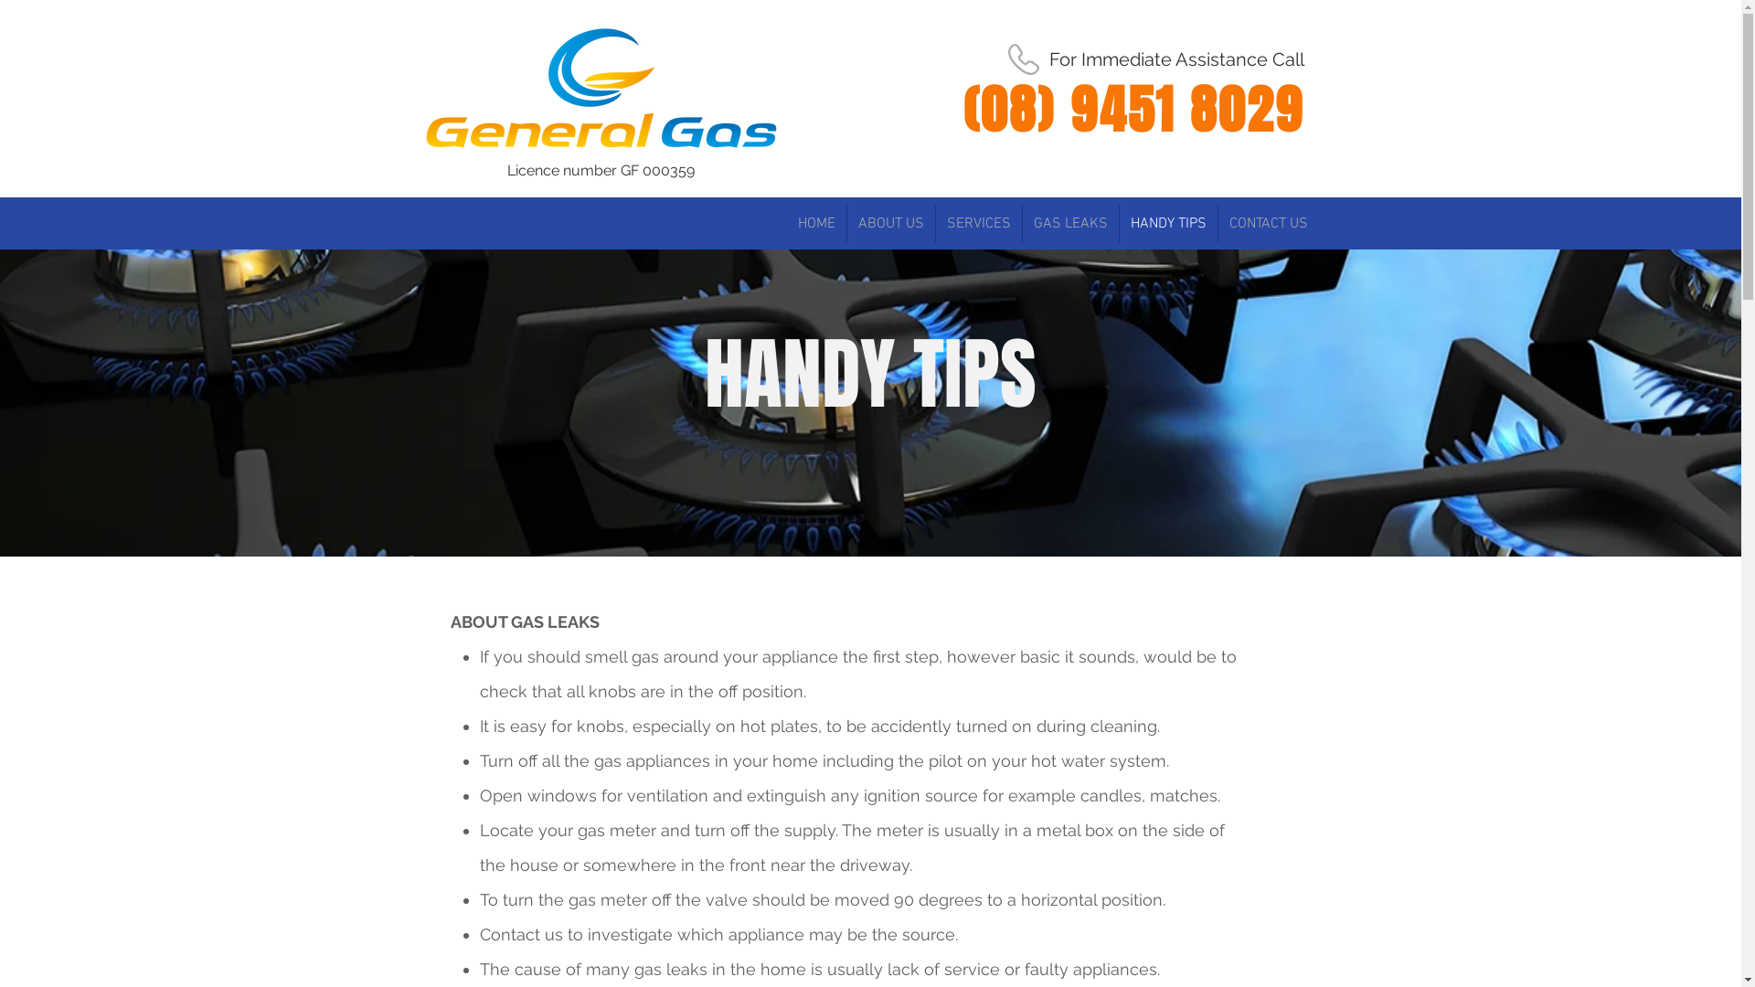  What do you see at coordinates (1267, 223) in the screenshot?
I see `'CONTACT US'` at bounding box center [1267, 223].